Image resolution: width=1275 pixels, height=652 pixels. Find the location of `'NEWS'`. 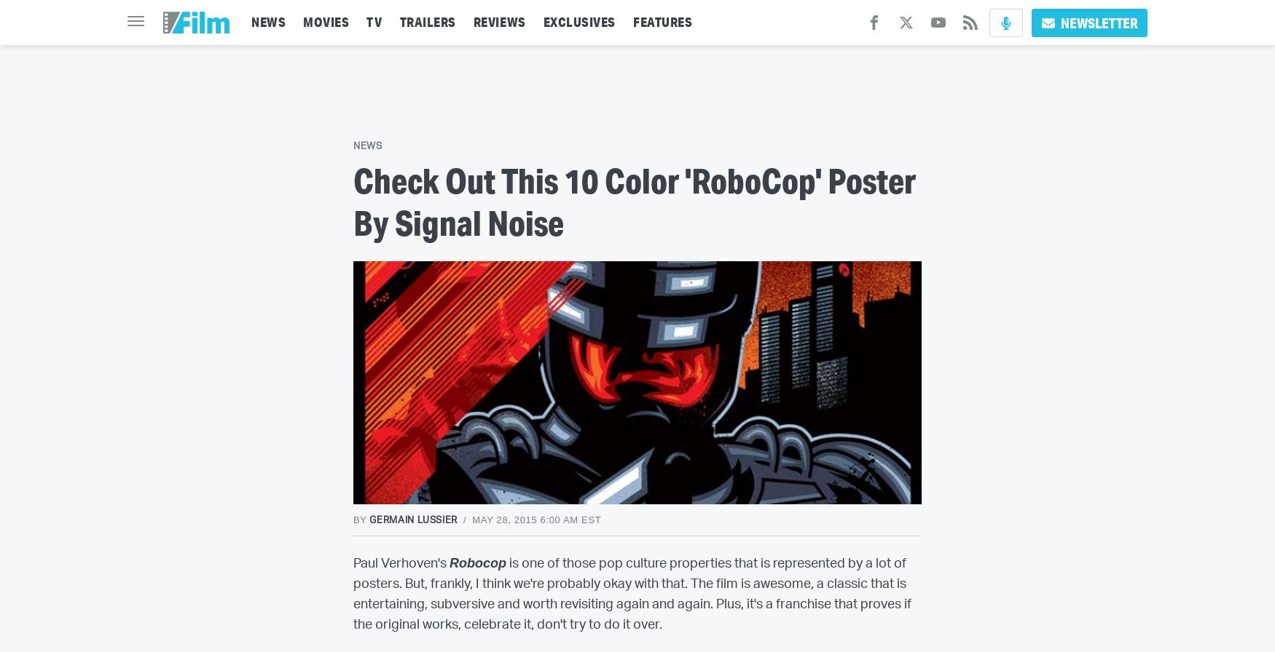

'NEWS' is located at coordinates (251, 22).